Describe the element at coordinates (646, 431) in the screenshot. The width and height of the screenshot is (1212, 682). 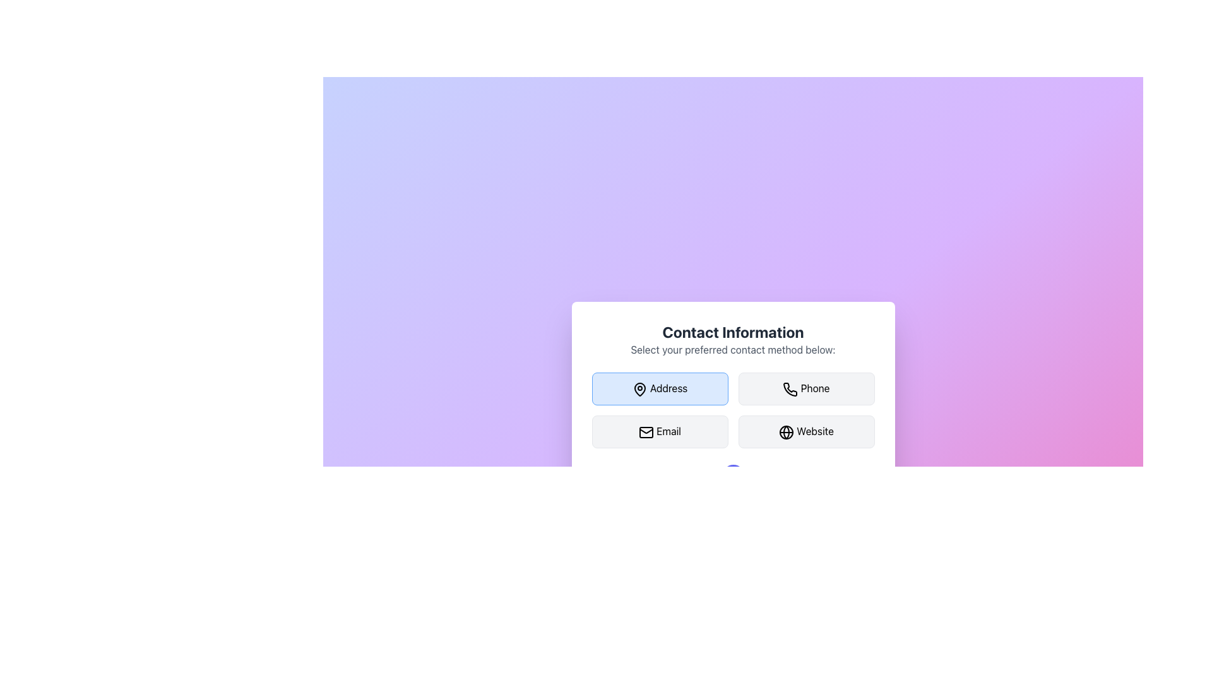
I see `the envelope icon inside the 'Email' button located at the bottom-left corner of the grid` at that location.